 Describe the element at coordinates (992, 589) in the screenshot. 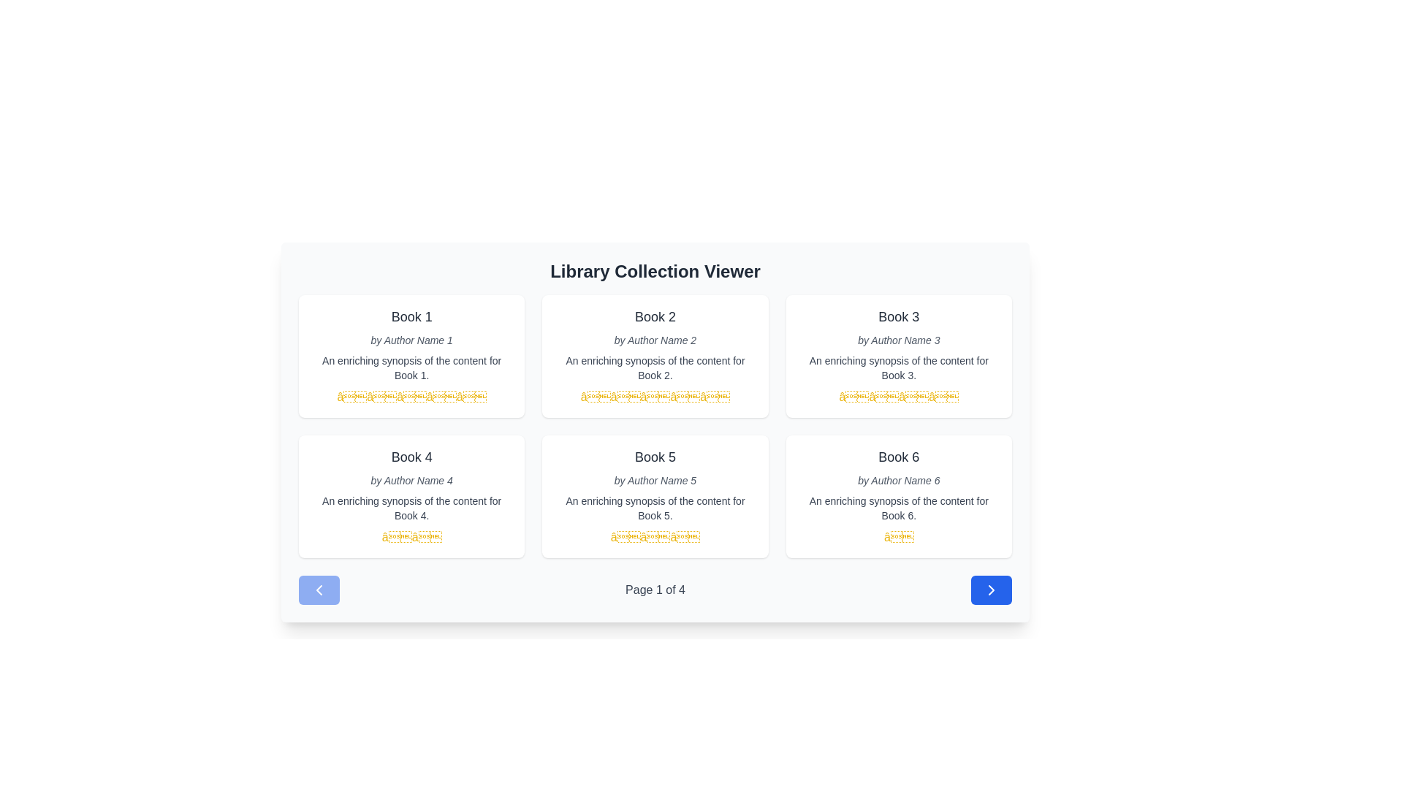

I see `the navigation icon embedded in the blue button located at the bottom right corner of the library collection viewer interface` at that location.